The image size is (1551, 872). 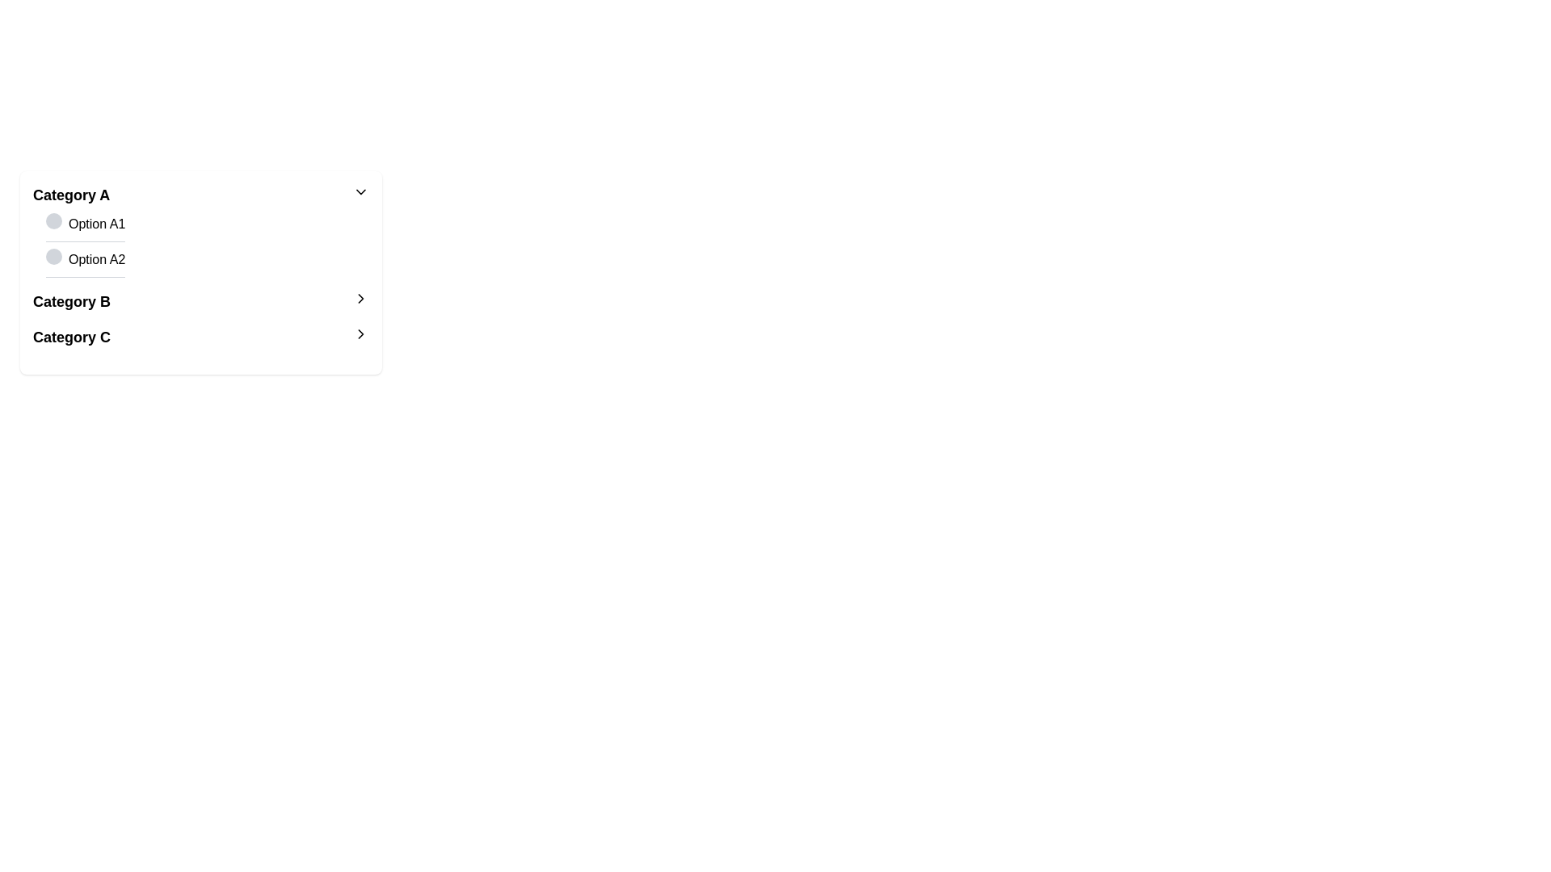 What do you see at coordinates (85, 227) in the screenshot?
I see `the topmost selectable option within the 'Category A' section of the menu` at bounding box center [85, 227].